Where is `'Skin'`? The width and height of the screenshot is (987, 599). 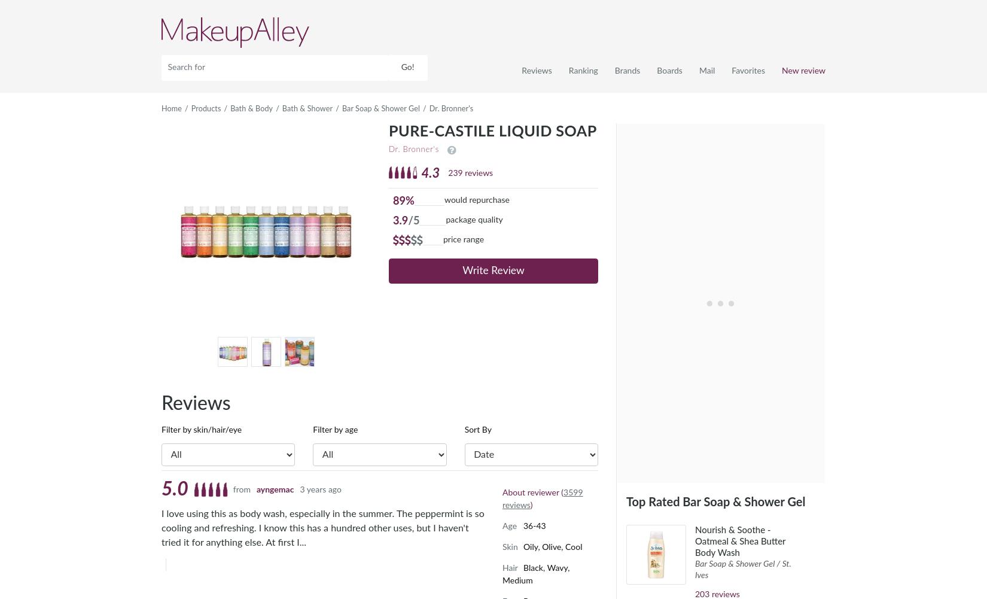
'Skin' is located at coordinates (510, 547).